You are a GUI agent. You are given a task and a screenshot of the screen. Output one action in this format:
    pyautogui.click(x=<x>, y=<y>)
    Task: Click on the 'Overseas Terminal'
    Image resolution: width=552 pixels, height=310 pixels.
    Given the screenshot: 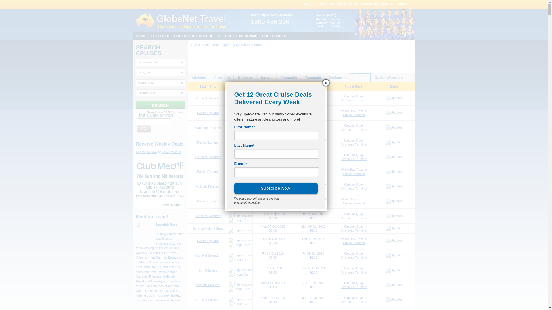 What is the action you would take?
    pyautogui.click(x=353, y=100)
    